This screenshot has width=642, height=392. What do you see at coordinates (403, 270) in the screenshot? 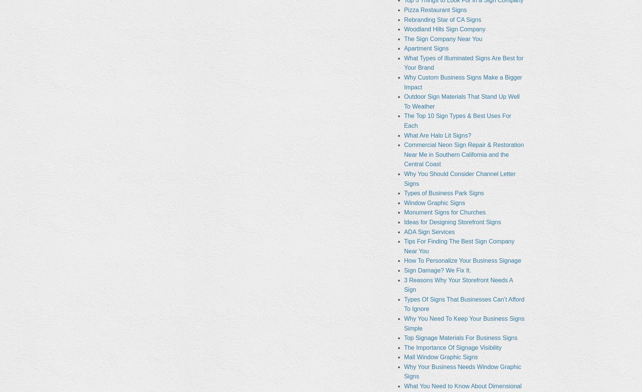
I see `'Sign Damage? We Fix It.'` at bounding box center [403, 270].